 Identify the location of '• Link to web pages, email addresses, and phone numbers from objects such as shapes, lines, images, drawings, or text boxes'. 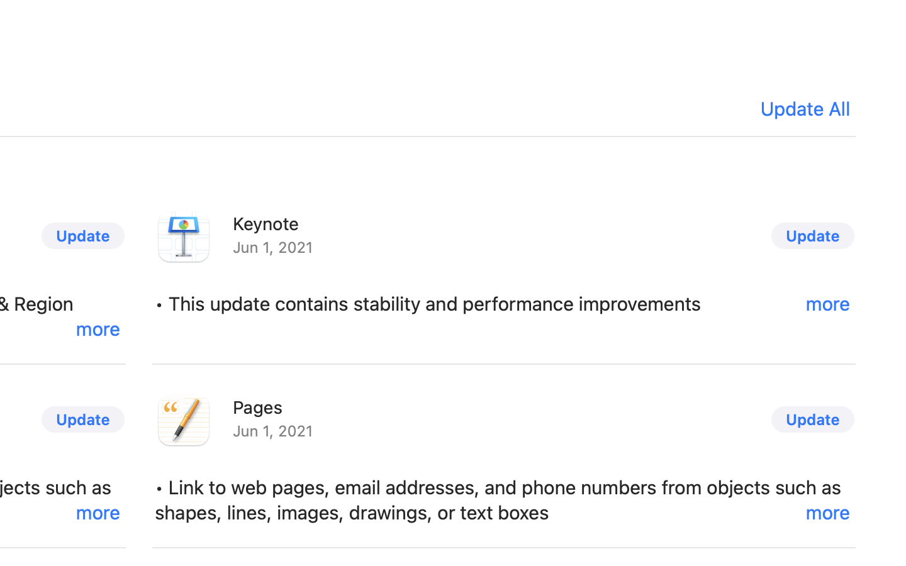
(504, 499).